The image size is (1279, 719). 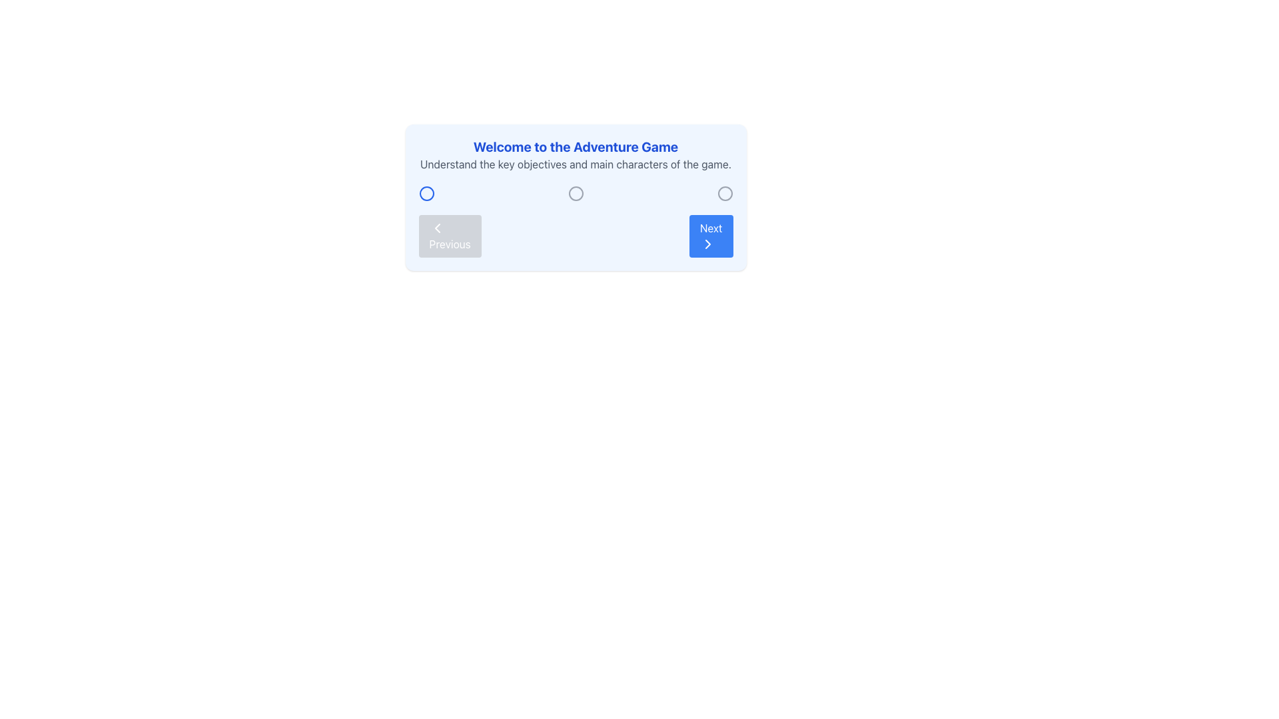 I want to click on the chevron icon within the blue 'Next' button, which indicates the 'Next' action for navigation in the sequence, so click(x=707, y=244).